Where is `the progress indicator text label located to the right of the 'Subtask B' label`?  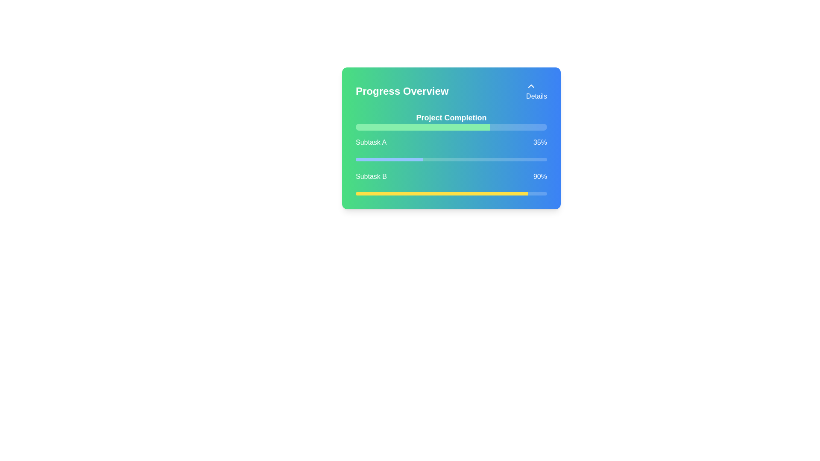
the progress indicator text label located to the right of the 'Subtask B' label is located at coordinates (539, 176).